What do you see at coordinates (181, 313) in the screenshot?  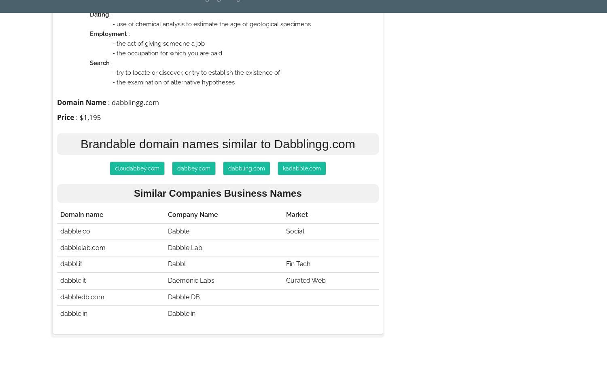 I see `'Dabble.in'` at bounding box center [181, 313].